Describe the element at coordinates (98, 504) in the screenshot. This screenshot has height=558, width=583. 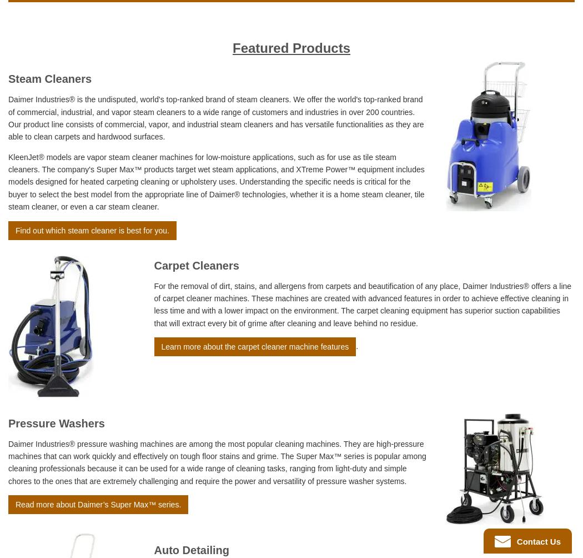
I see `'Read more about Daimer’s Super Max™ series.'` at that location.